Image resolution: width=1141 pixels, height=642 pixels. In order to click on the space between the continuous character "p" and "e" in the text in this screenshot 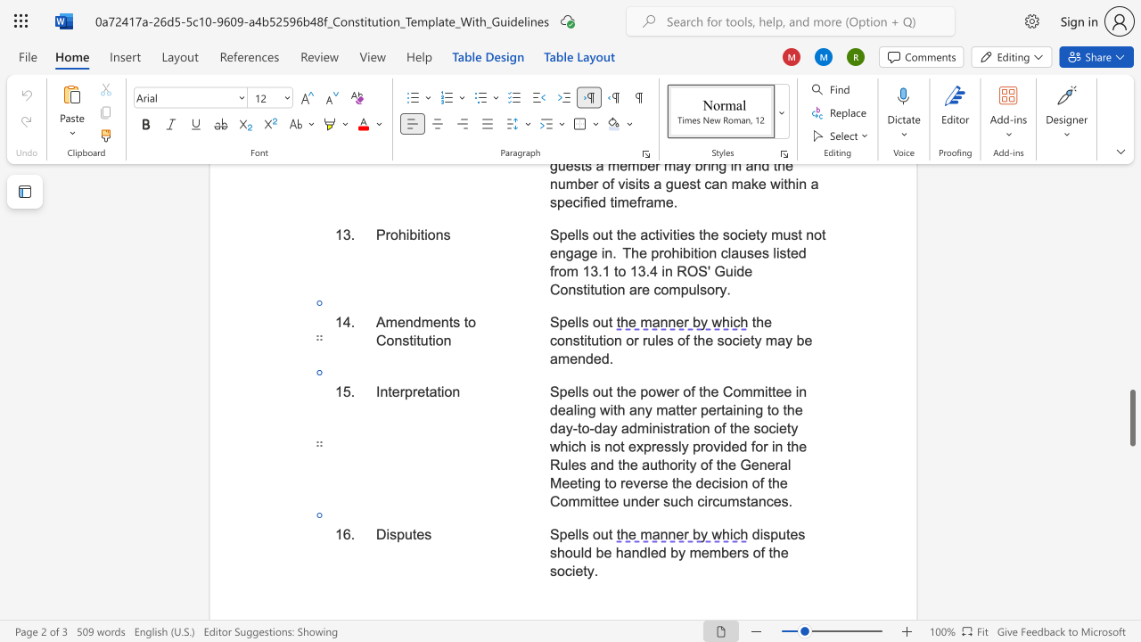, I will do `click(707, 410)`.